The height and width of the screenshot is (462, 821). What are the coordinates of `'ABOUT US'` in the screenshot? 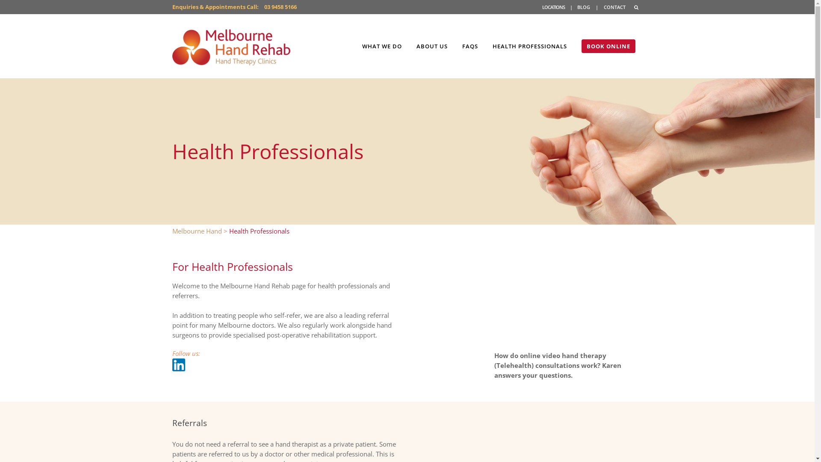 It's located at (431, 46).